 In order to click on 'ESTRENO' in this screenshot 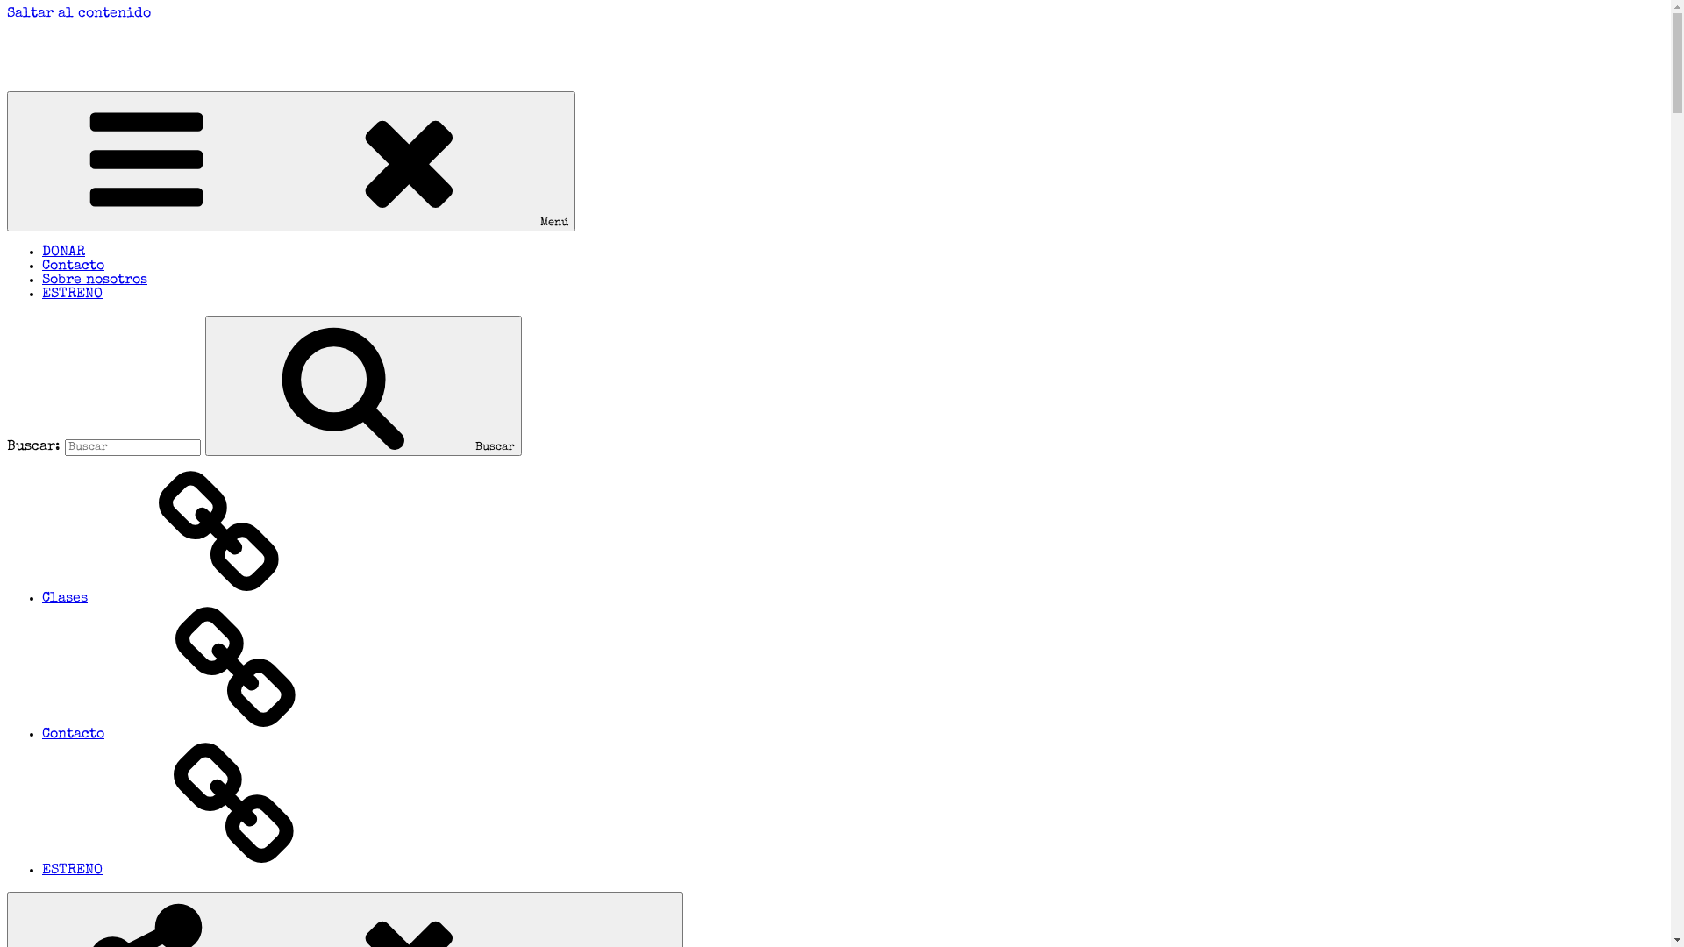, I will do `click(71, 293)`.